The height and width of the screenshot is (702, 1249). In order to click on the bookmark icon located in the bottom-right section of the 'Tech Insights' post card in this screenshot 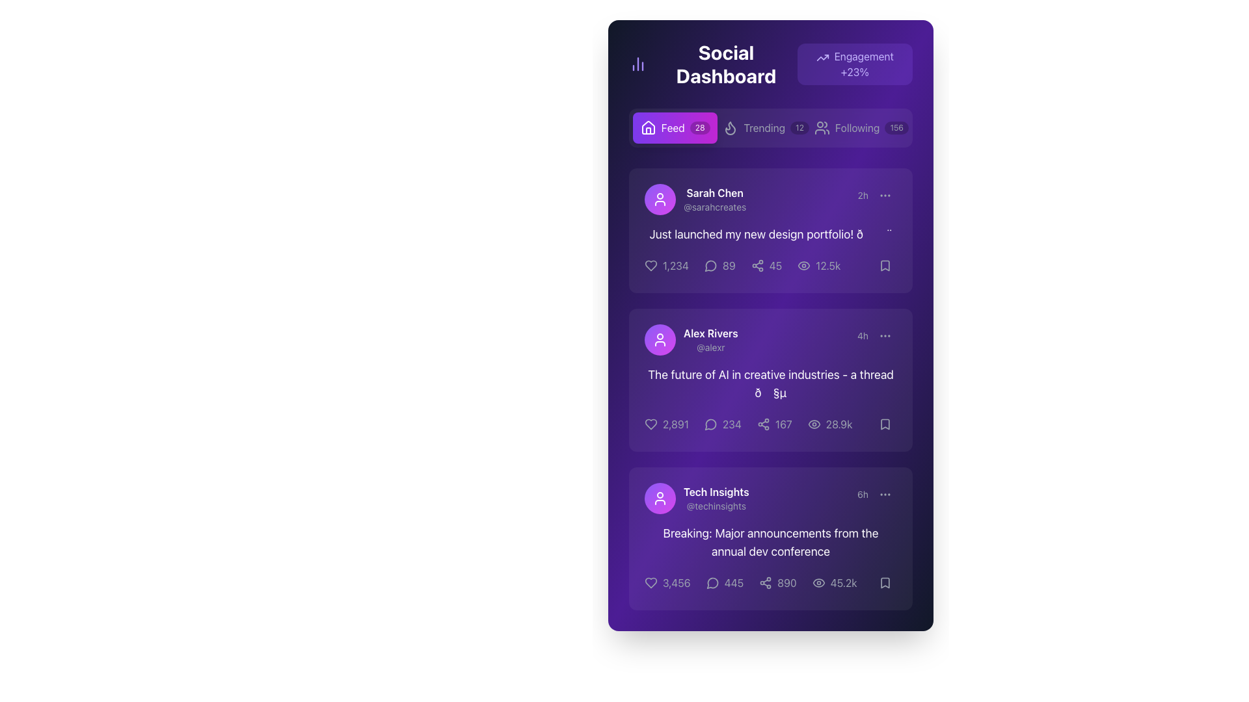, I will do `click(885, 582)`.